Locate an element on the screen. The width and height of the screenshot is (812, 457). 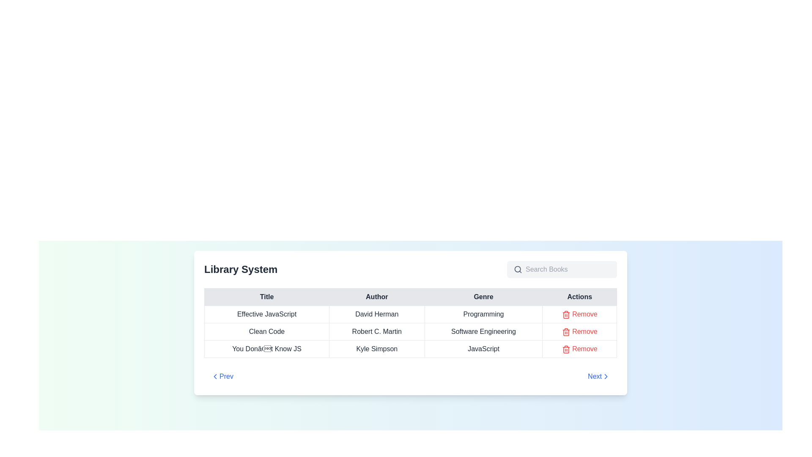
the first trash can icon under the 'Actions' column associated with 'Effective JavaScript' by 'David Herman' to invoke the delete action is located at coordinates (566, 314).